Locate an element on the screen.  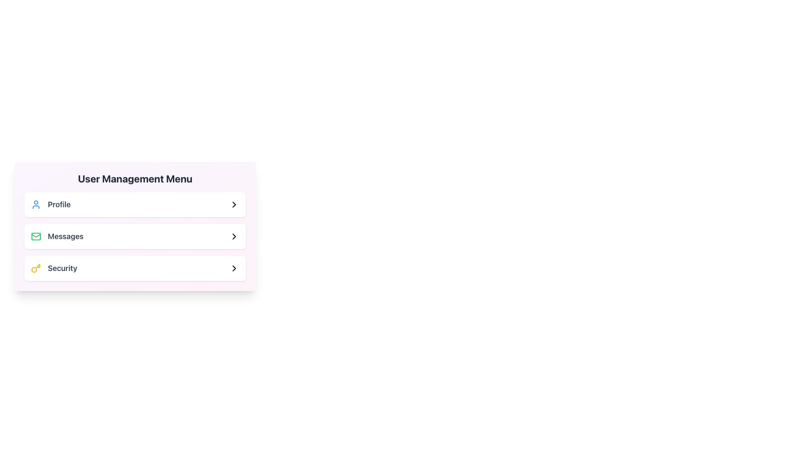
the text label displaying 'Security', which is styled with a larger font size and bold weight, located within the 'User Management Menu' section is located at coordinates (62, 268).